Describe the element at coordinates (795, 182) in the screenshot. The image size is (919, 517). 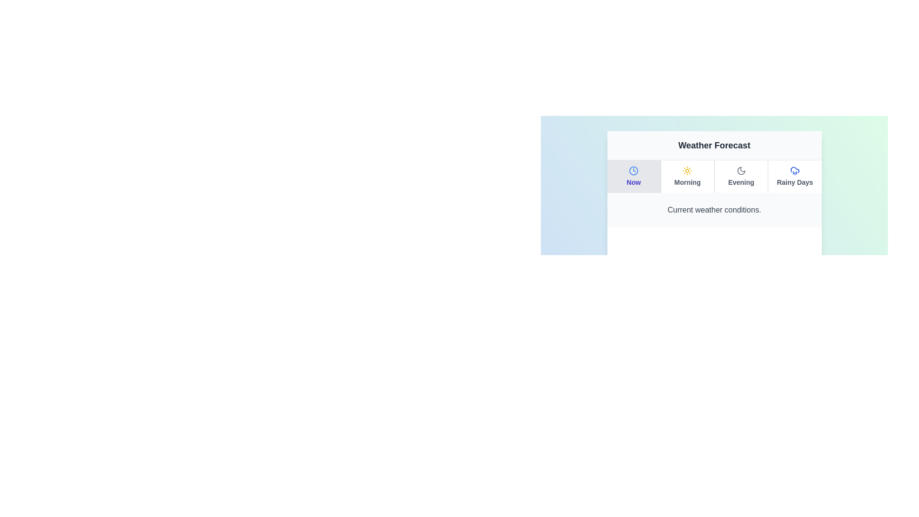
I see `the 'Rainy Days' text label in the weather navigation menu` at that location.